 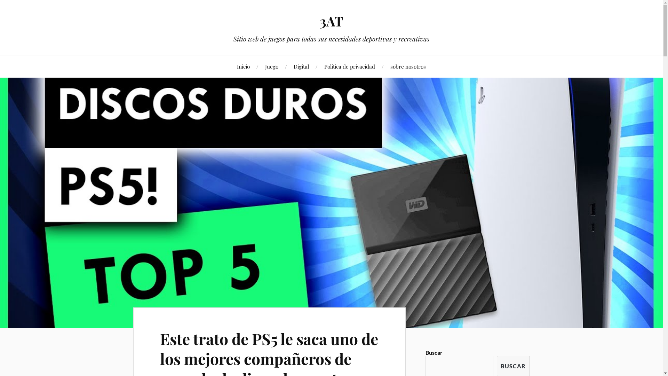 I want to click on 'sobre nosotros', so click(x=408, y=66).